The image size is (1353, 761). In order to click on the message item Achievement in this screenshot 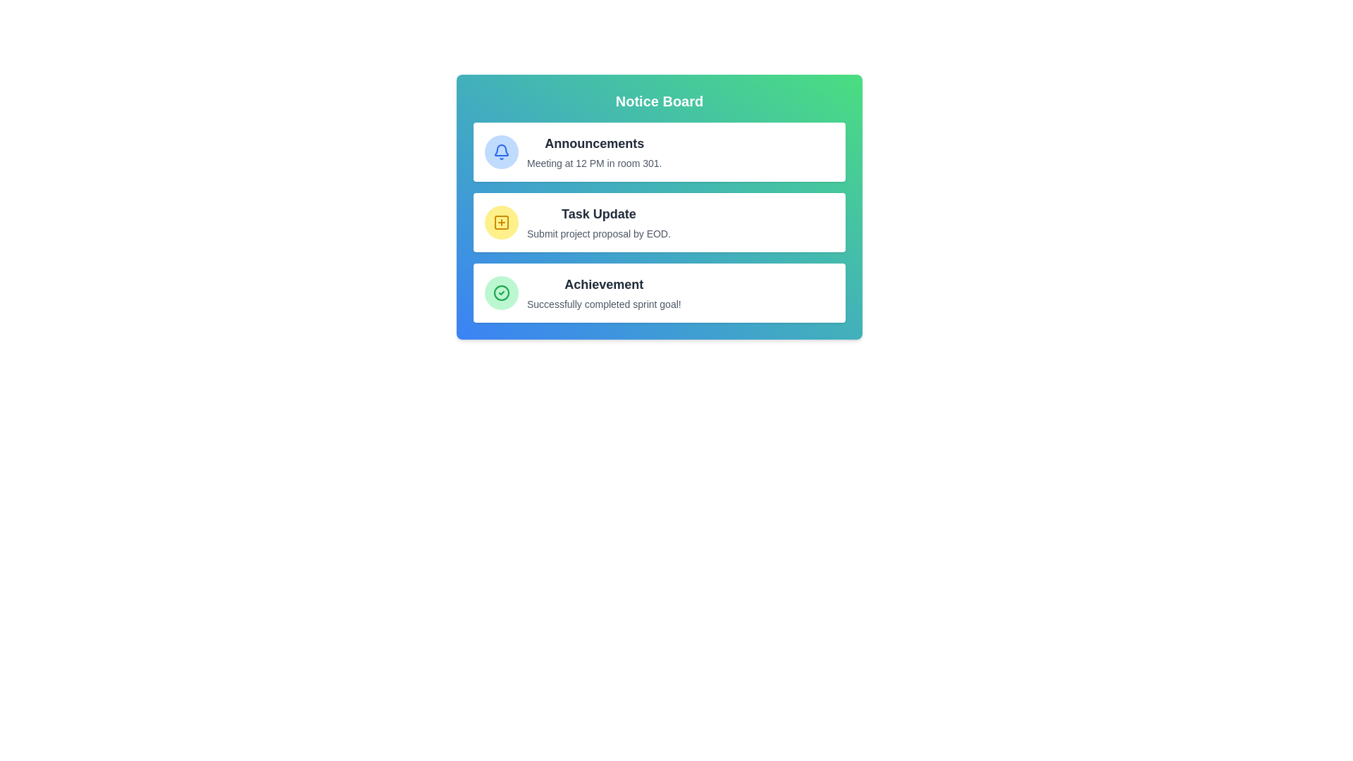, I will do `click(659, 292)`.